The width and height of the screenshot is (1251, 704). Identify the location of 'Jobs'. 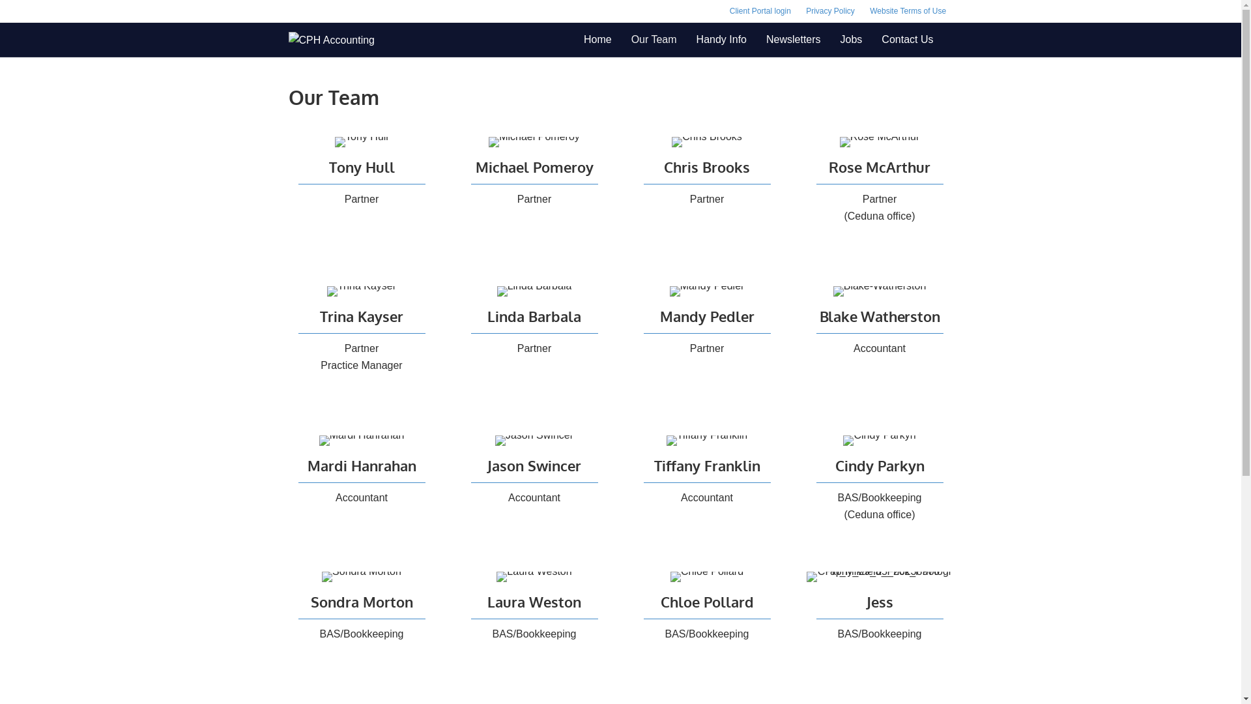
(851, 39).